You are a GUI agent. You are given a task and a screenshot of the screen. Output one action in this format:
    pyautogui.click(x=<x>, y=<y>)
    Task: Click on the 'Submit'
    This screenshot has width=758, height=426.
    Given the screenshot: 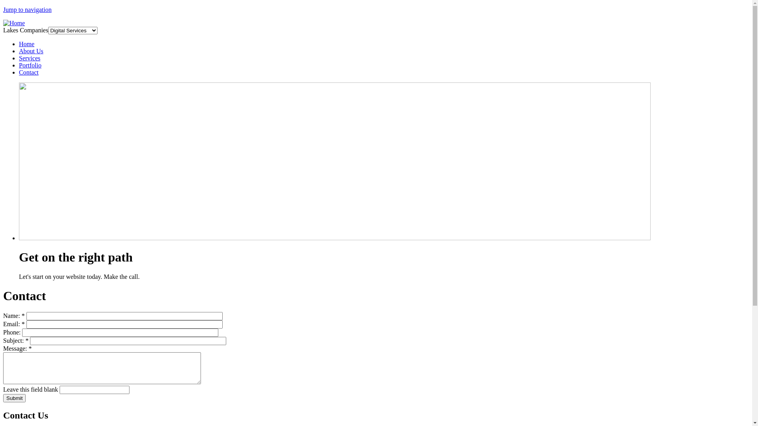 What is the action you would take?
    pyautogui.click(x=14, y=398)
    